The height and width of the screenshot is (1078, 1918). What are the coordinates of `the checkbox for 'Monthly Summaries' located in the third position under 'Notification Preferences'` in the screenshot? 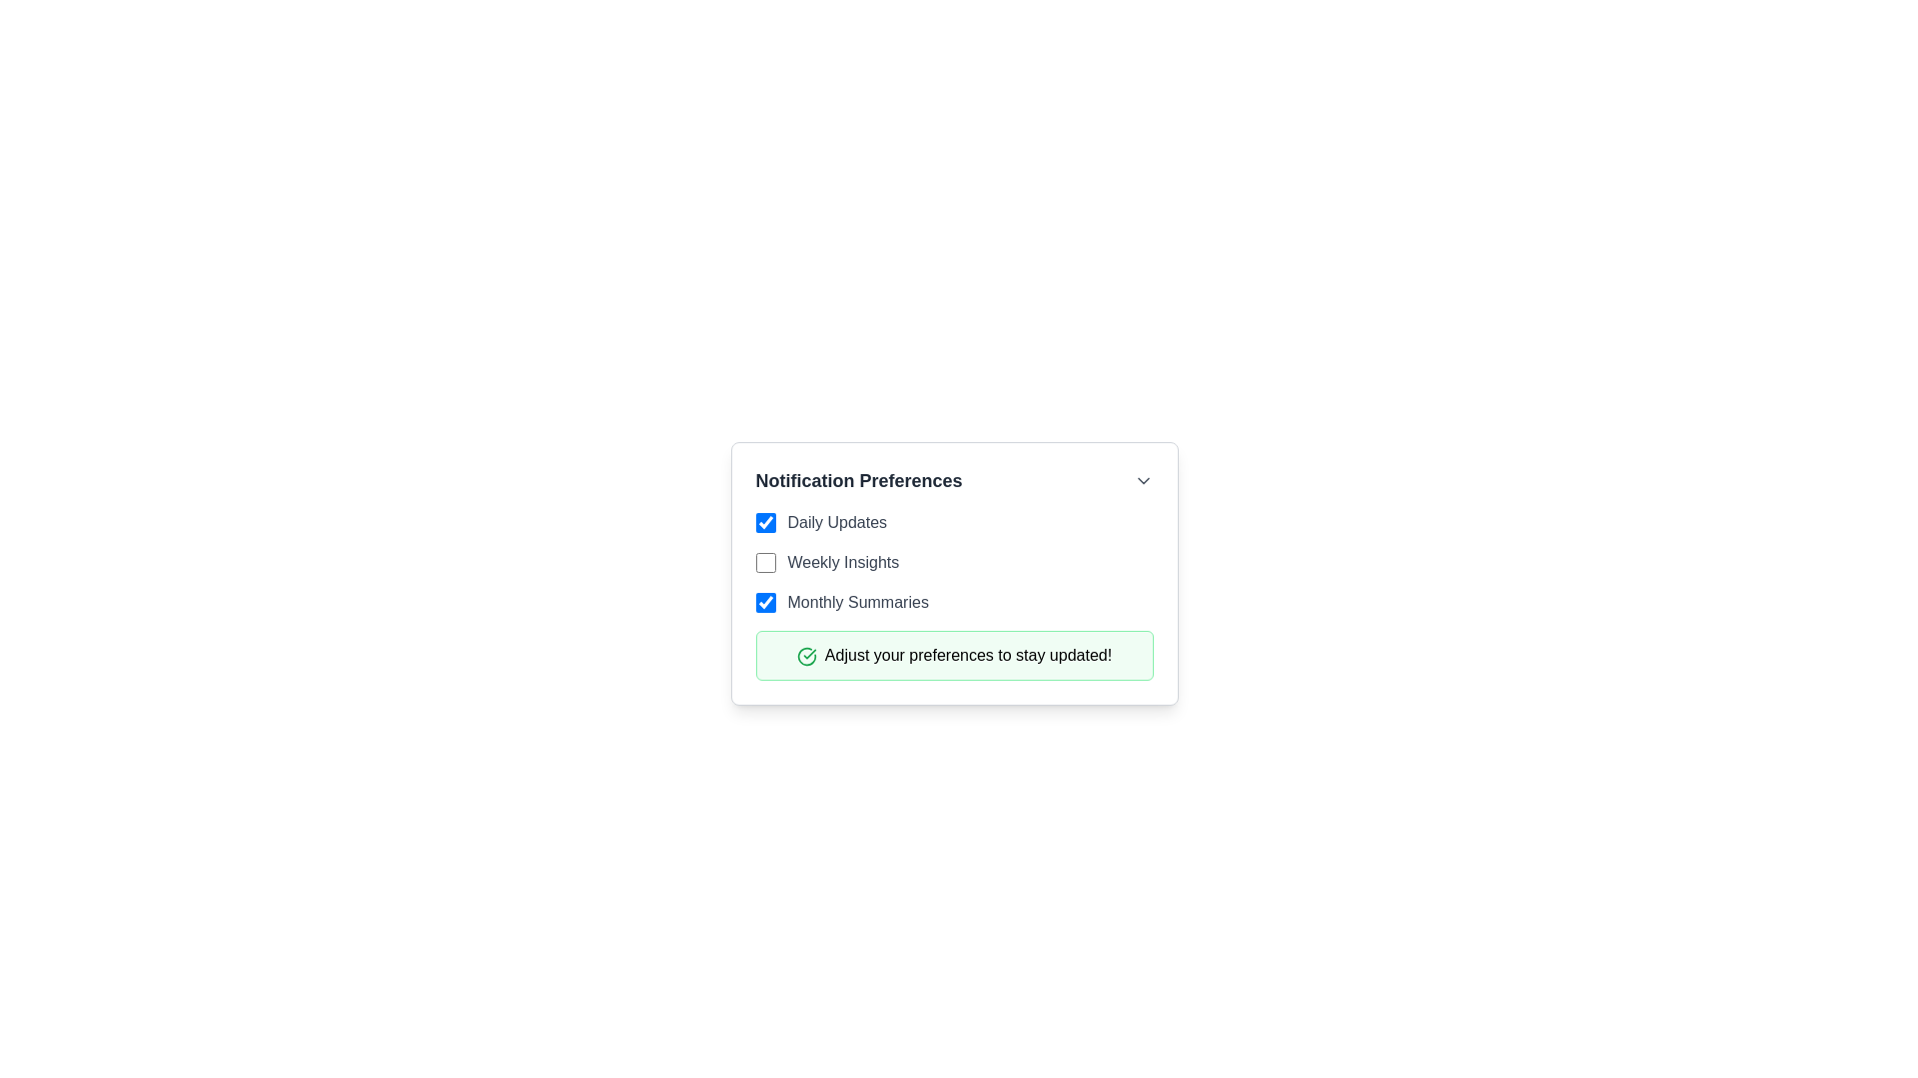 It's located at (764, 602).